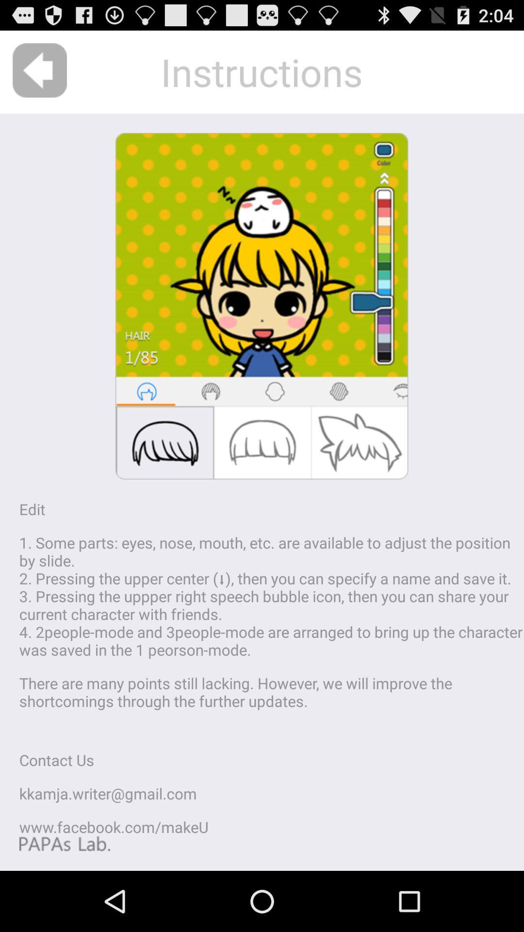 This screenshot has width=524, height=932. I want to click on app below the contact us icon, so click(108, 793).